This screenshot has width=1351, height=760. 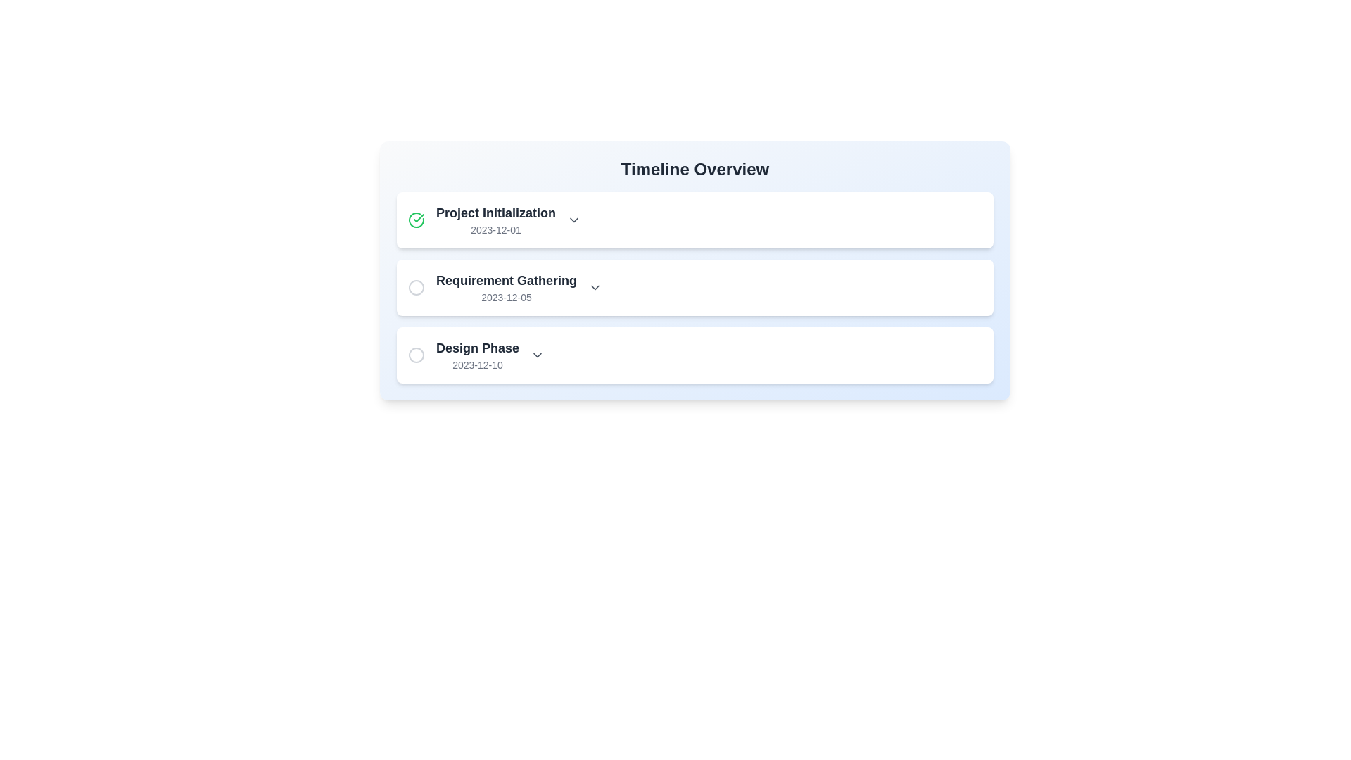 I want to click on the static text content displaying the date '2023-12-05', which is styled in a smaller gray font and is located directly below the 'Requirement Gathering' label, so click(x=507, y=297).